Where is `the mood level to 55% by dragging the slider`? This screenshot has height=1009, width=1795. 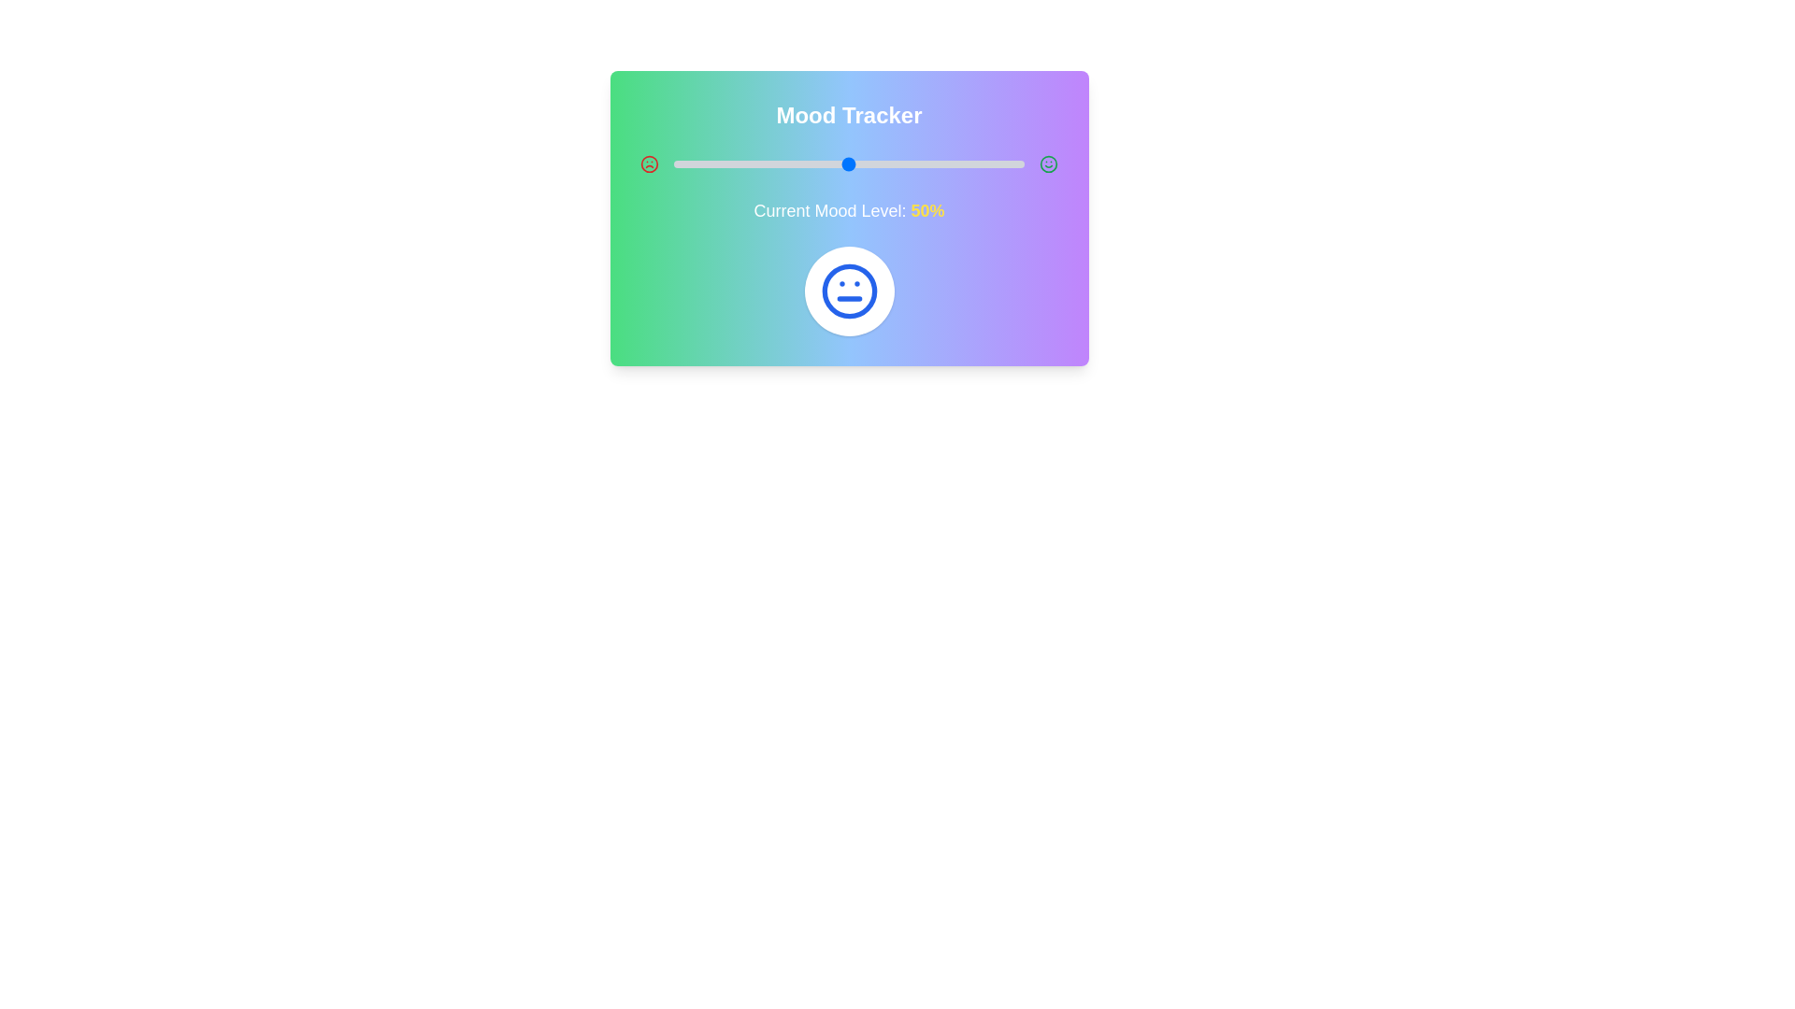 the mood level to 55% by dragging the slider is located at coordinates (866, 163).